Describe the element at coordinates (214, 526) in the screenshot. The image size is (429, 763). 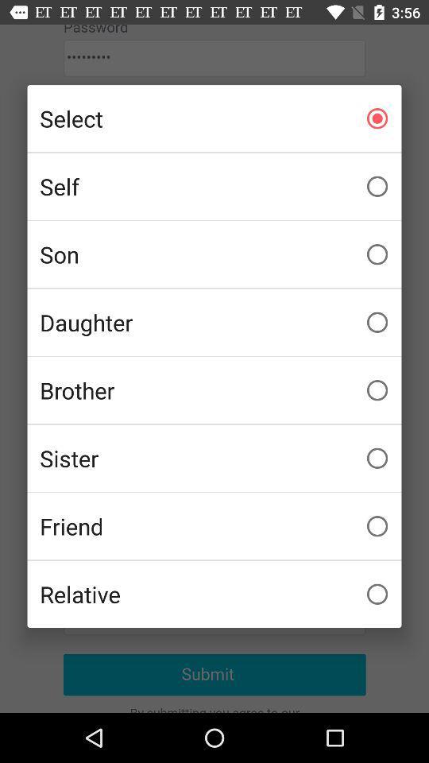
I see `the checkbox below sister` at that location.